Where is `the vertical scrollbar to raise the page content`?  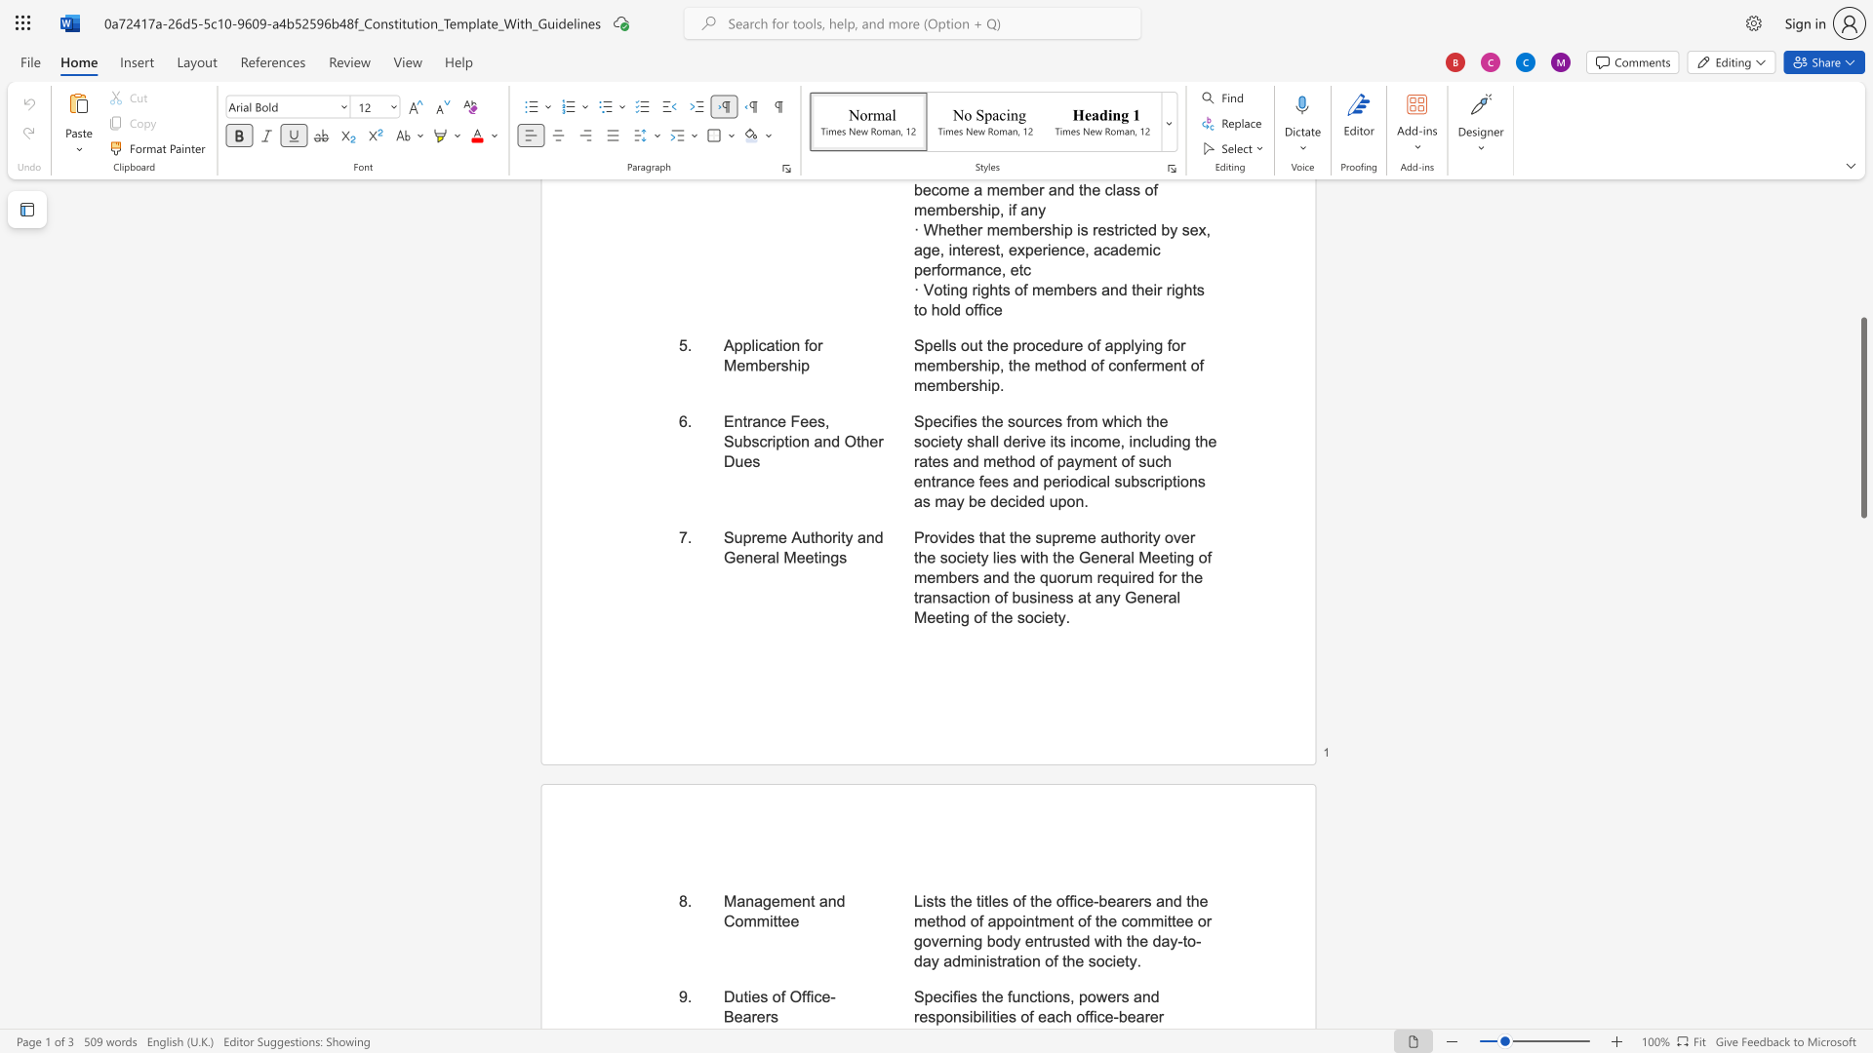
the vertical scrollbar to raise the page content is located at coordinates (1862, 232).